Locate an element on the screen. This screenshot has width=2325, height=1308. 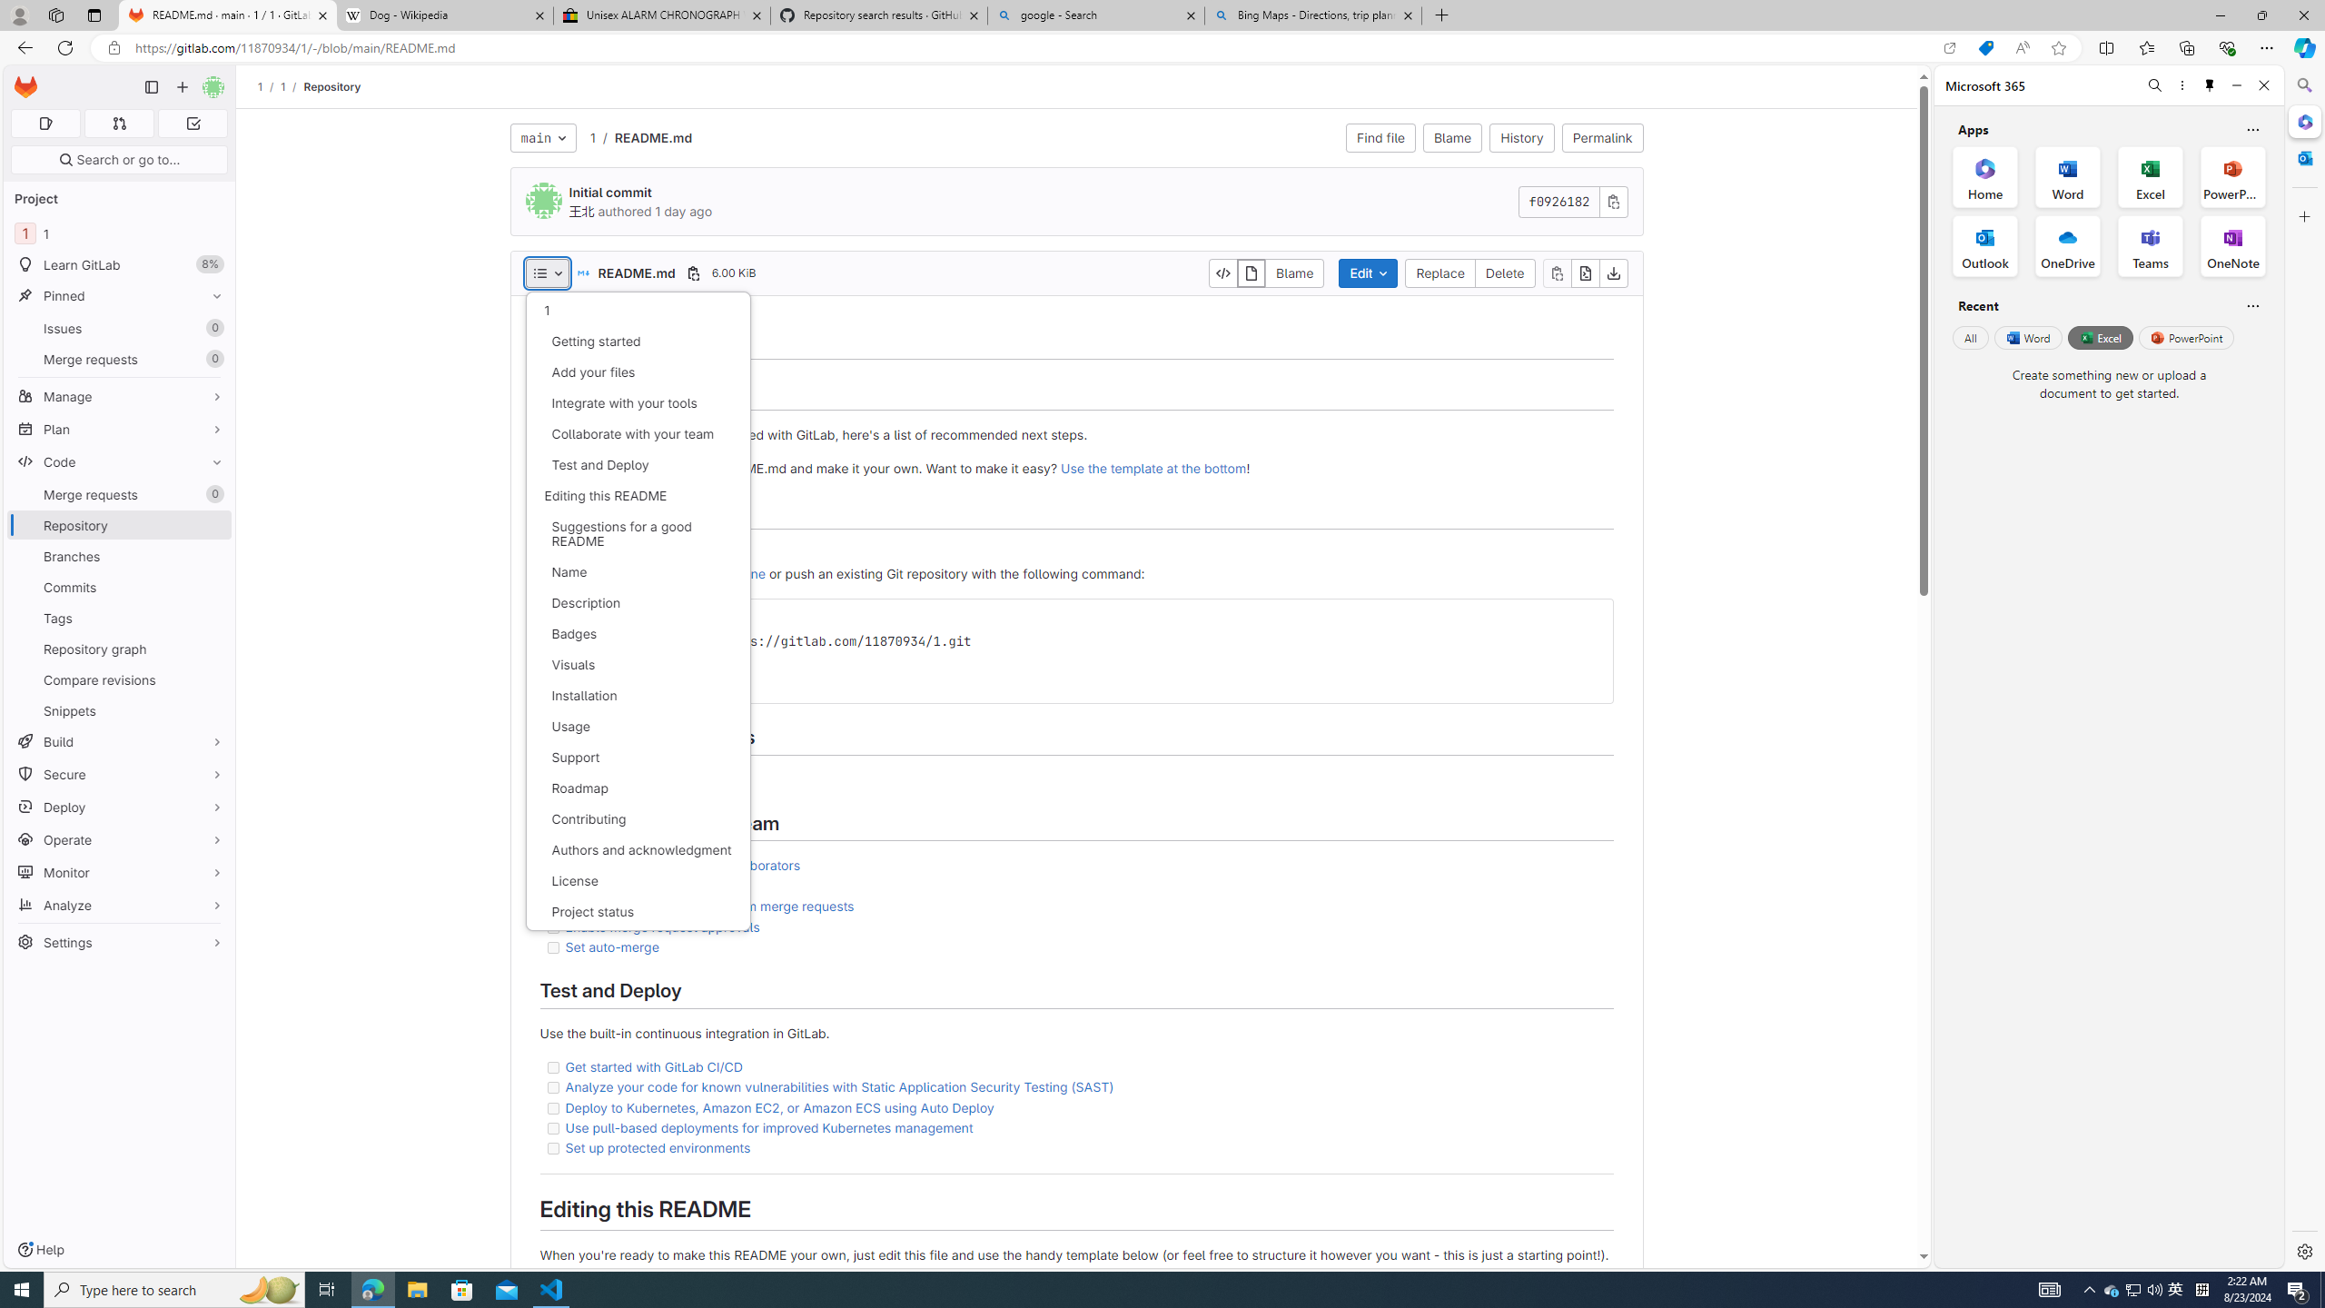
'Edit' is located at coordinates (1369, 272).